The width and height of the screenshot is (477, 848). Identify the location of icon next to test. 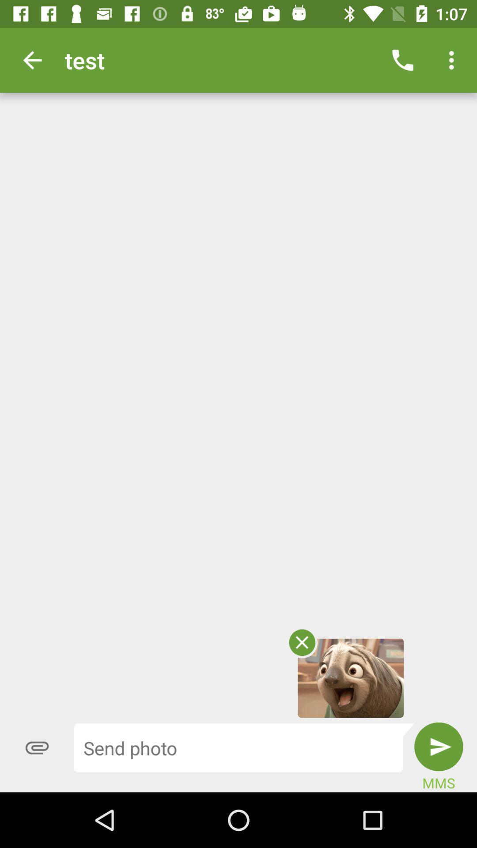
(32, 60).